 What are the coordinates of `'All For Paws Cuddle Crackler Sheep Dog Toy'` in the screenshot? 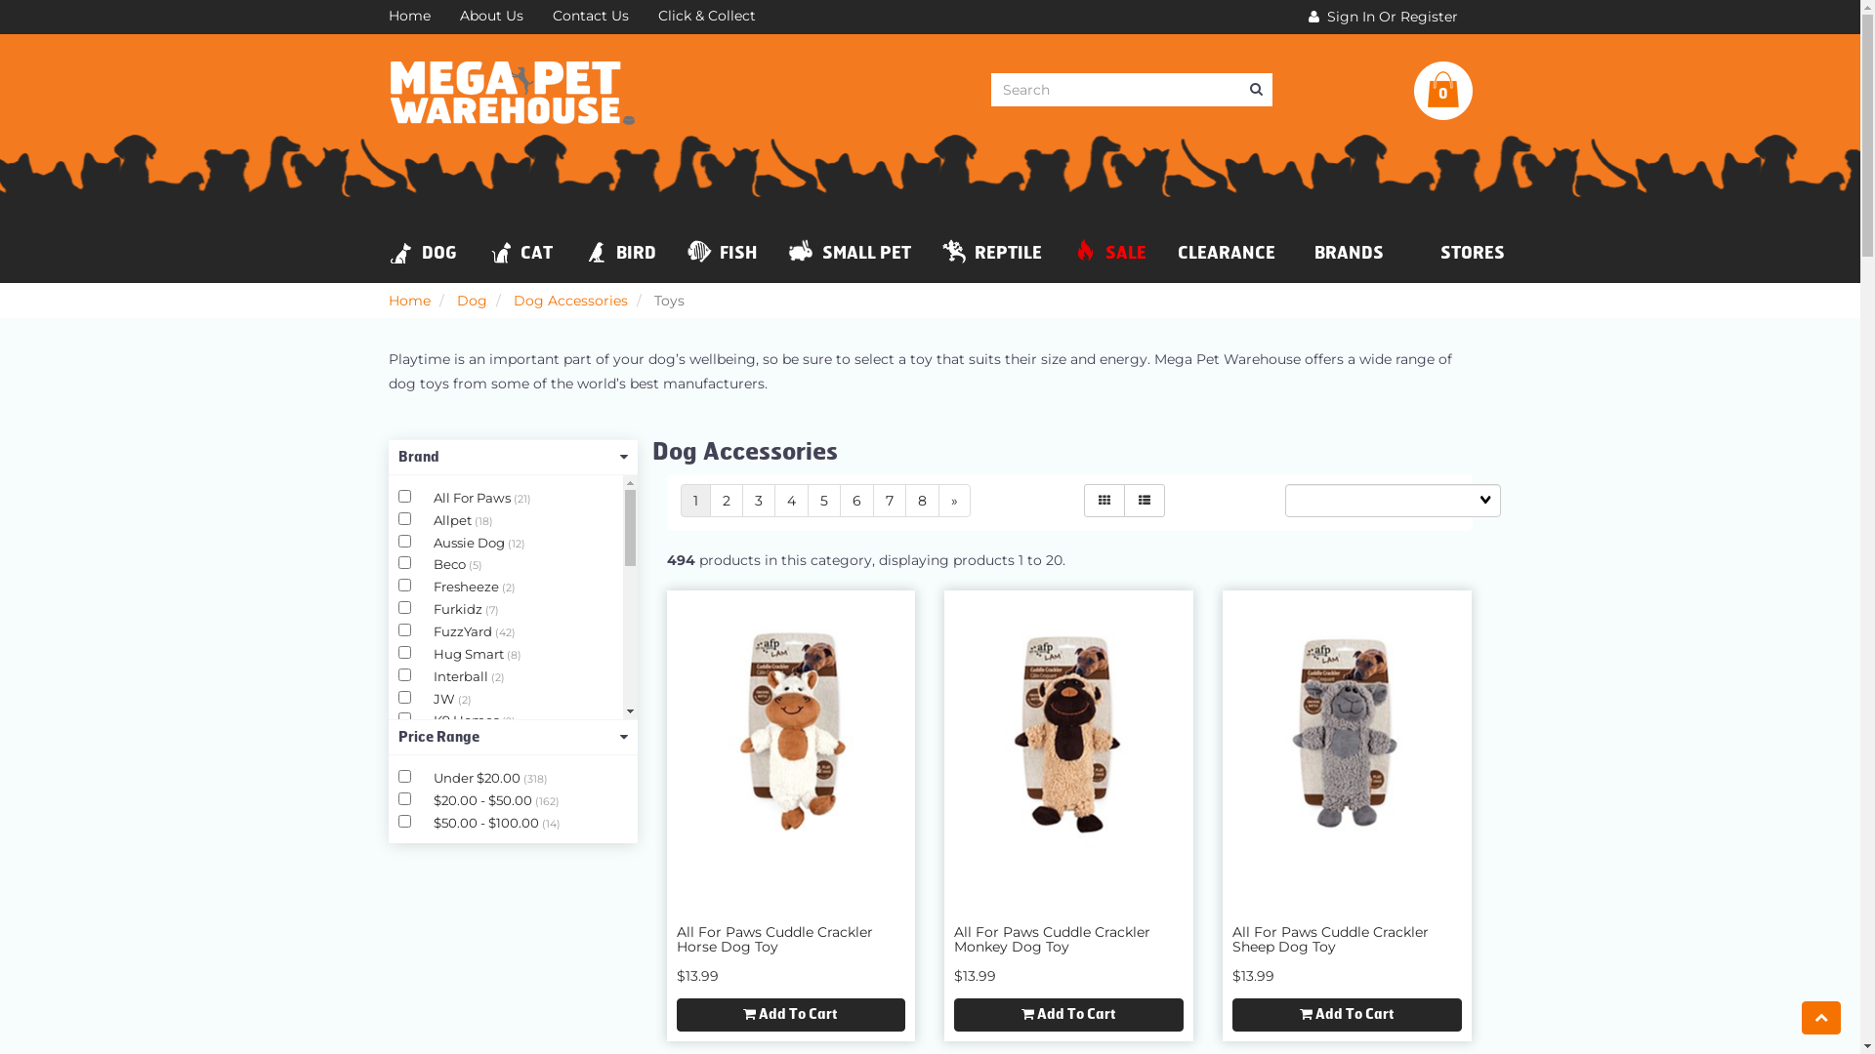 It's located at (1329, 938).